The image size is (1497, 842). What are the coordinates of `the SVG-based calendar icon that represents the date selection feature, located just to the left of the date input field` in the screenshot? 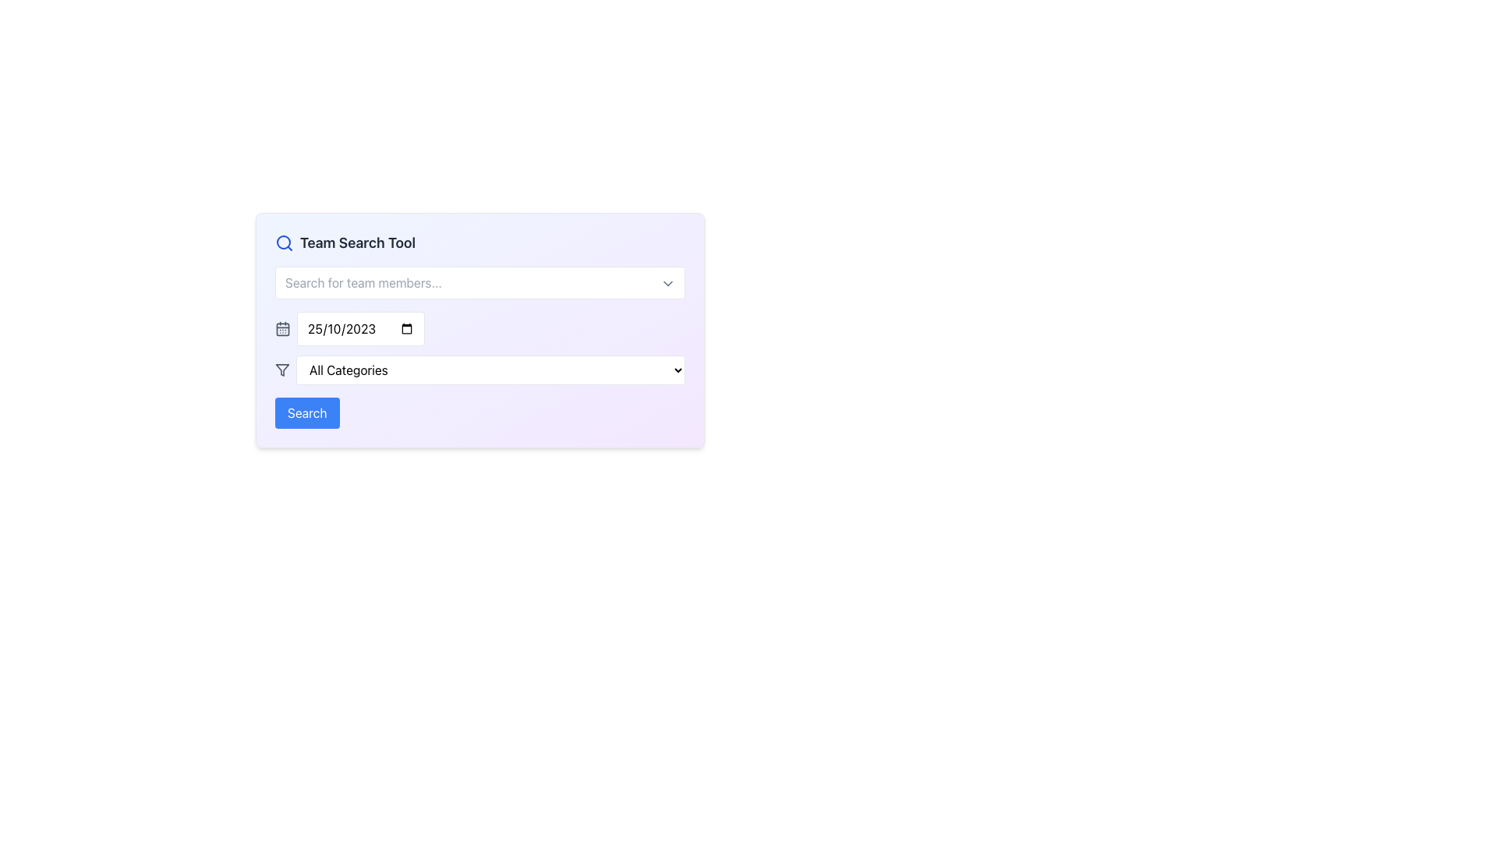 It's located at (283, 327).